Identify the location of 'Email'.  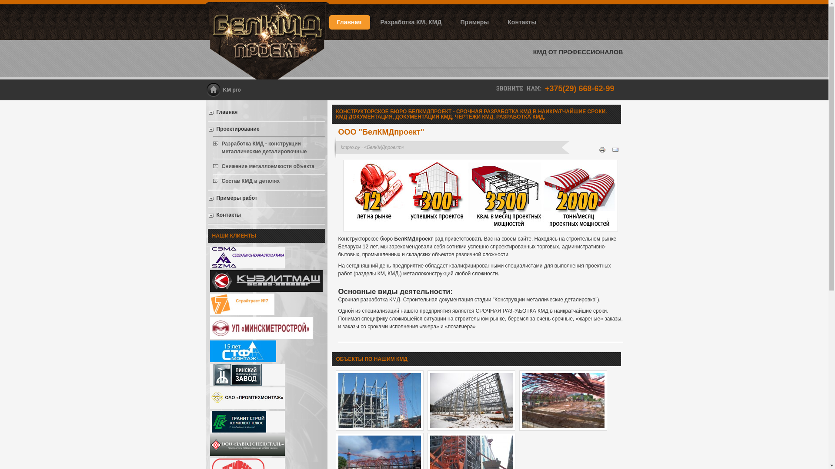
(617, 151).